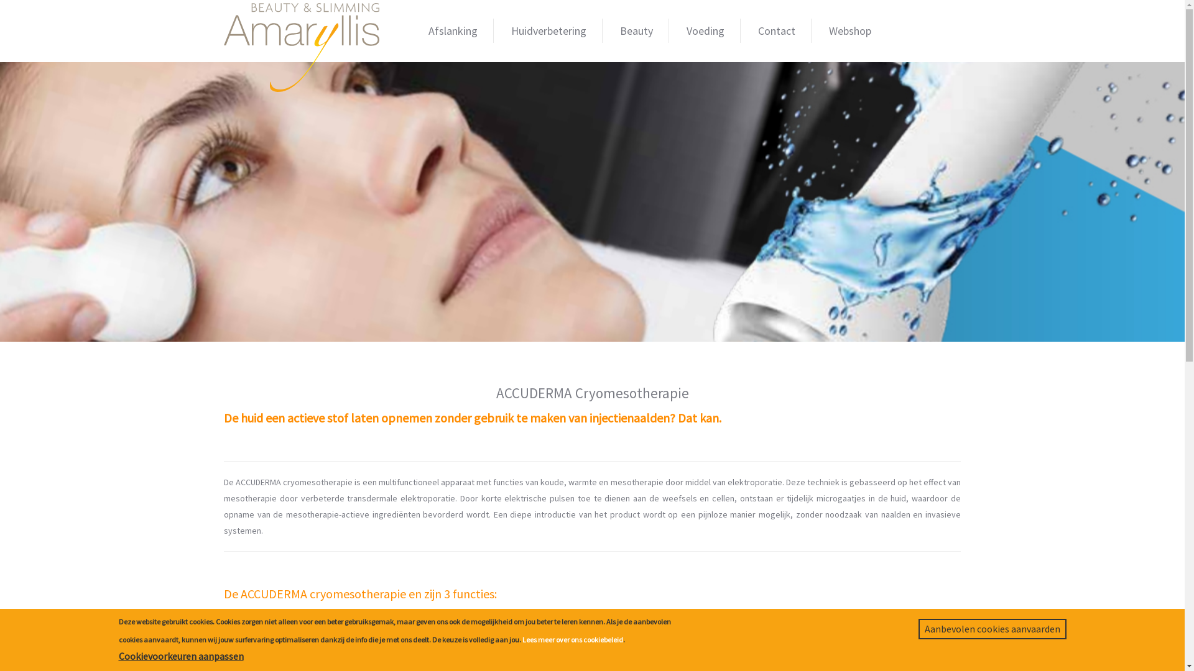 Image resolution: width=1194 pixels, height=671 pixels. Describe the element at coordinates (849, 30) in the screenshot. I see `'Webshop'` at that location.